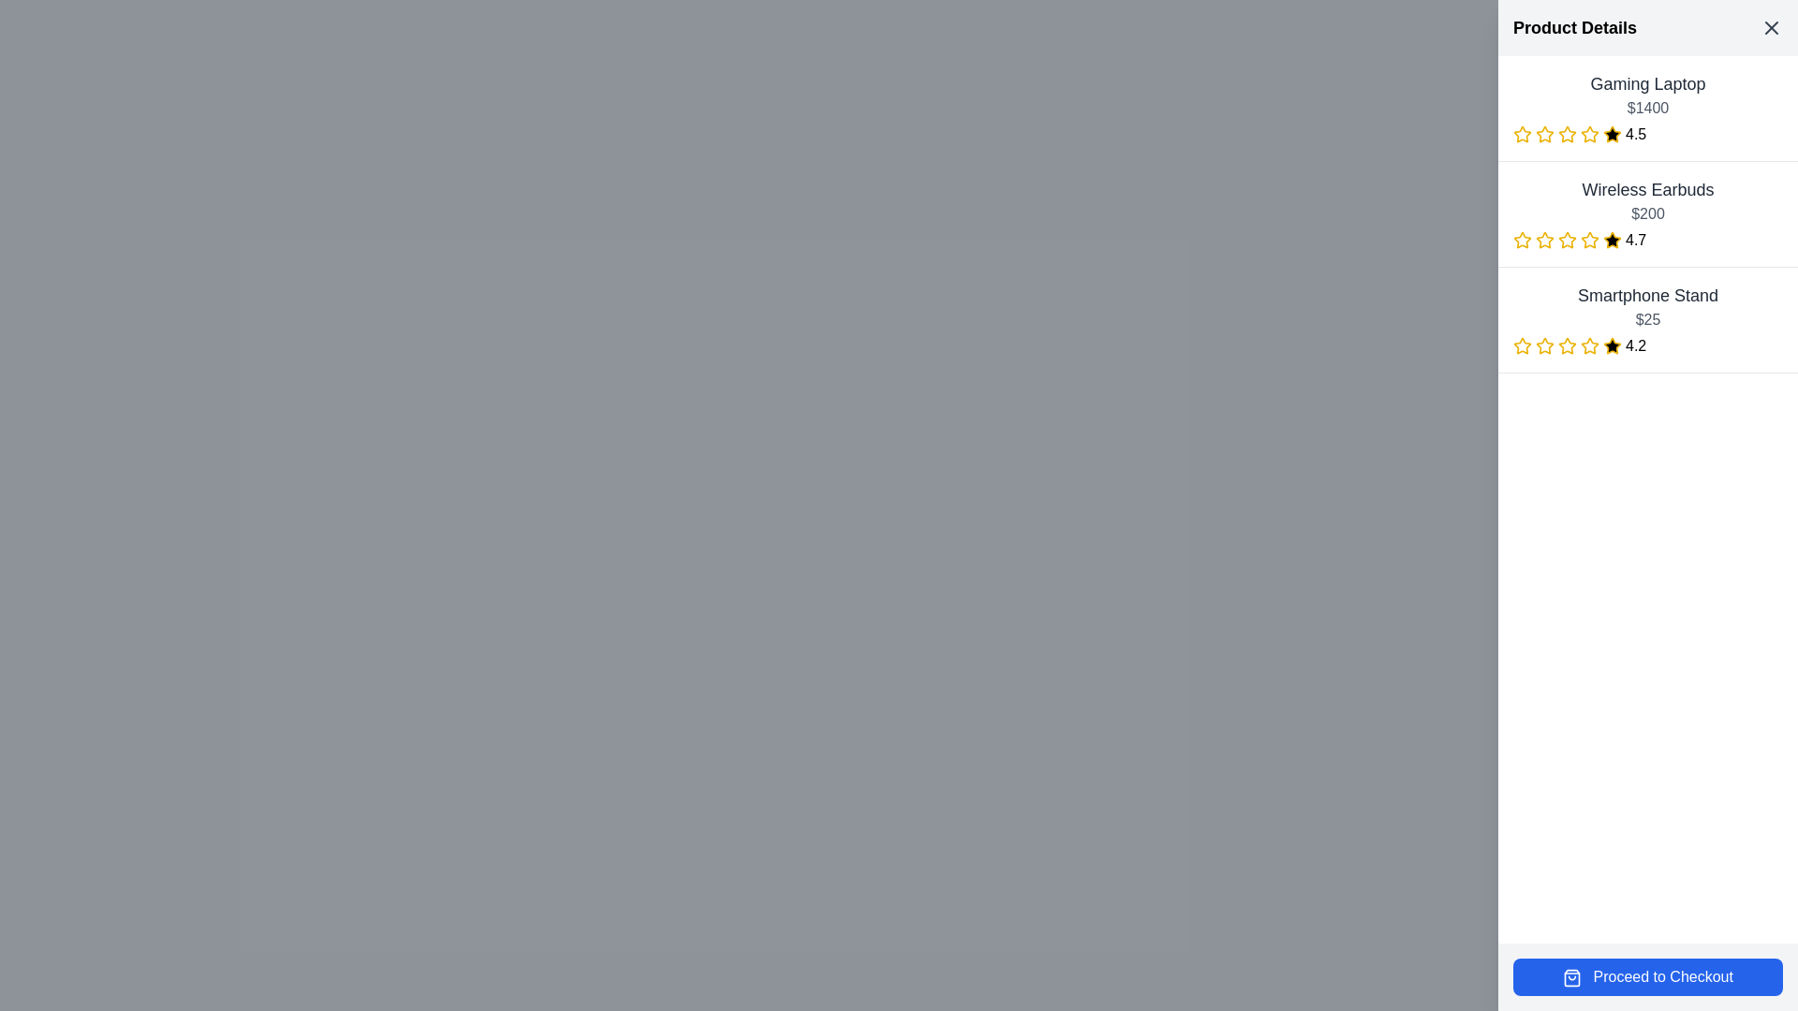  What do you see at coordinates (1545, 240) in the screenshot?
I see `the third filled star icon in the rating system for the item 'Wireless Earbuds' to interact with it` at bounding box center [1545, 240].